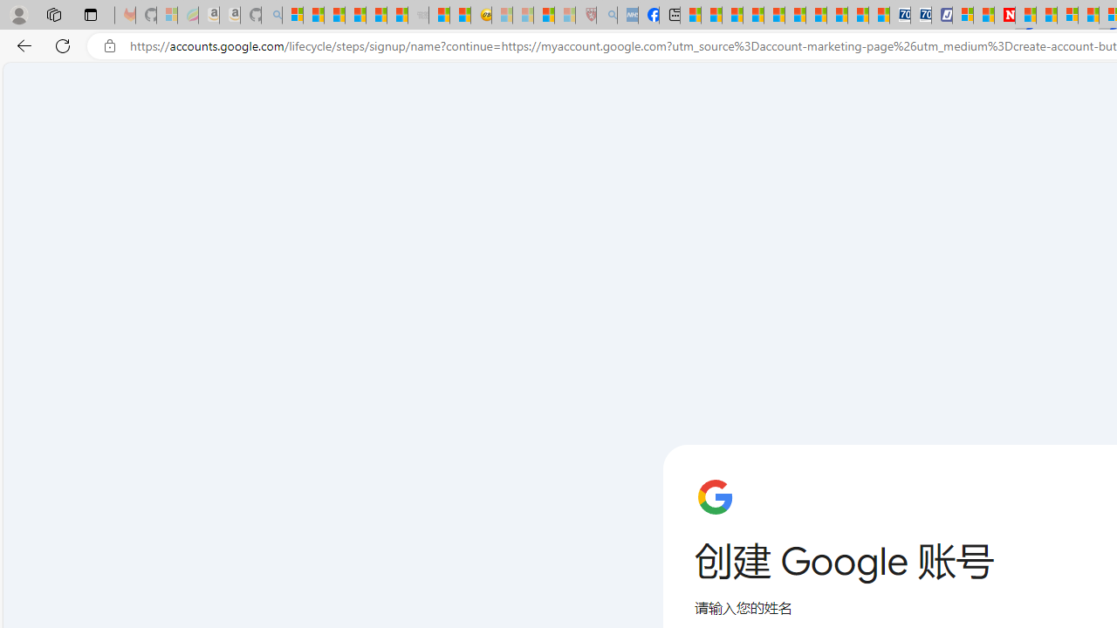 The image size is (1117, 628). Describe the element at coordinates (900, 15) in the screenshot. I see `'Cheap Car Rentals - Save70.com'` at that location.